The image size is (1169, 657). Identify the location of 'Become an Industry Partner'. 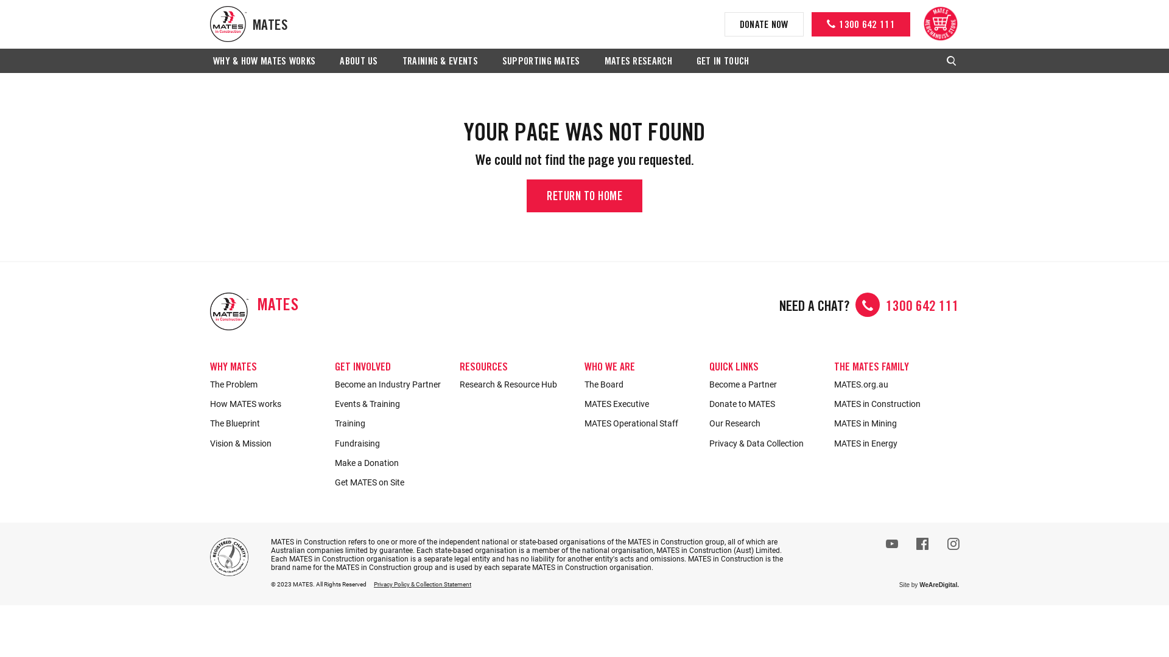
(391, 384).